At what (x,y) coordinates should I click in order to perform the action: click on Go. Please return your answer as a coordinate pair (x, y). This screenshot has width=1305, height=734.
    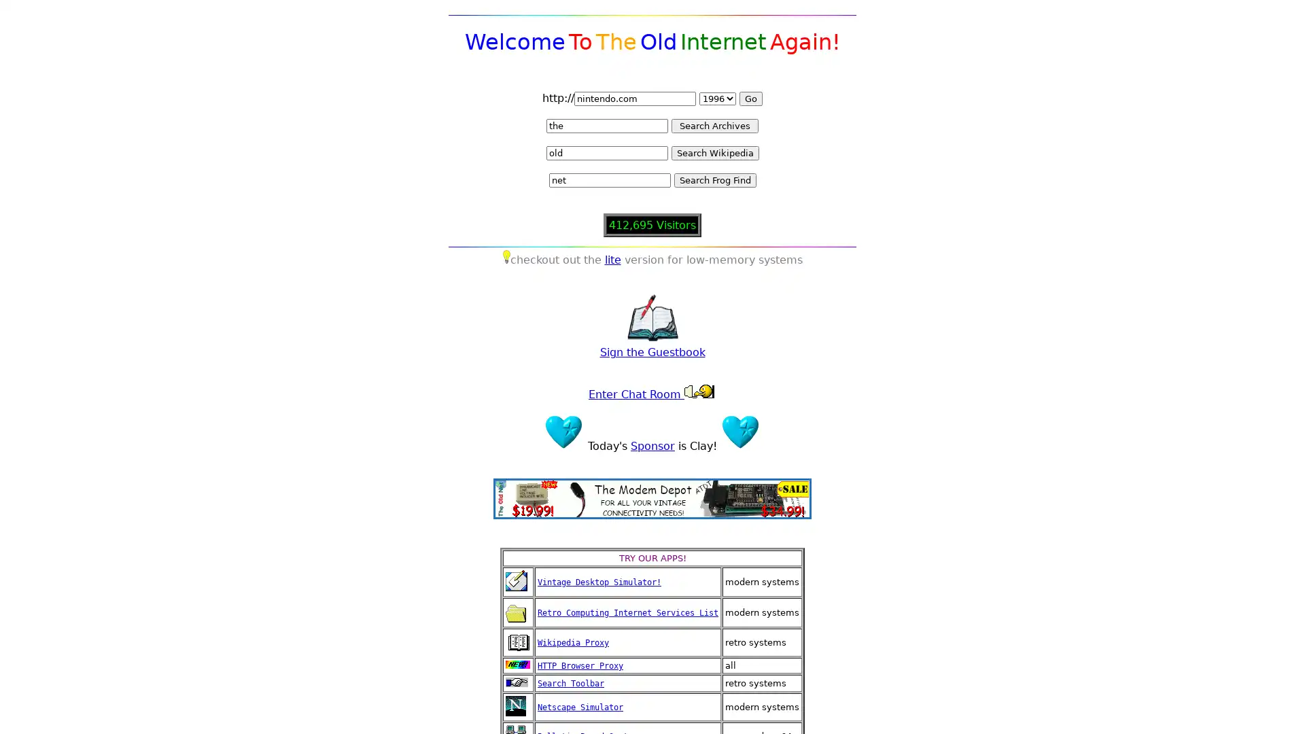
    Looking at the image, I should click on (750, 98).